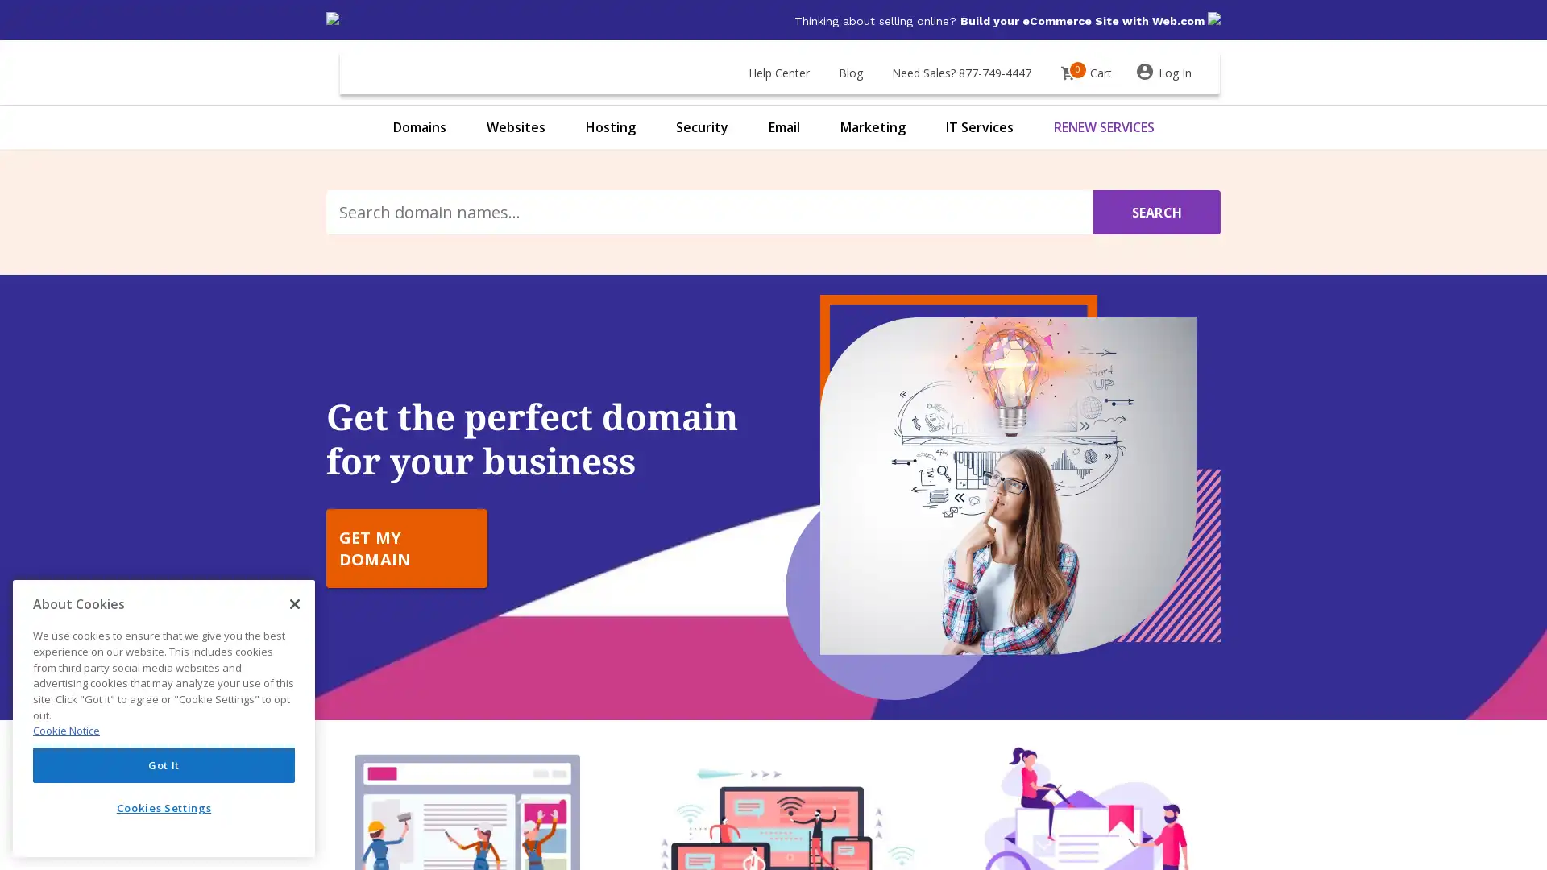 The image size is (1547, 870). Describe the element at coordinates (294, 603) in the screenshot. I see `Close` at that location.